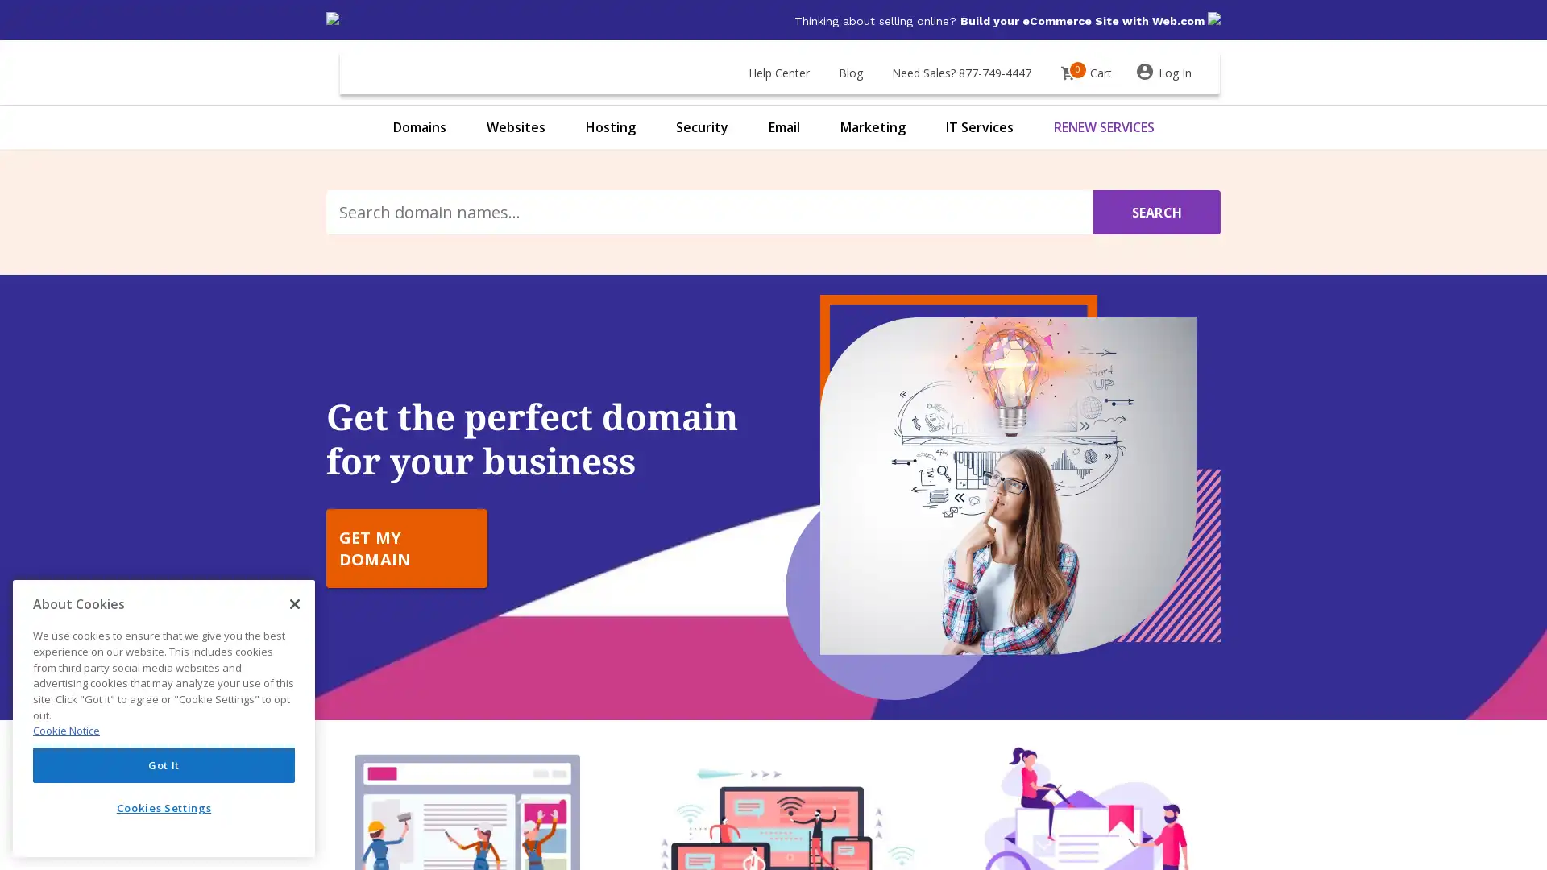 The image size is (1547, 870). Describe the element at coordinates (294, 603) in the screenshot. I see `Close` at that location.